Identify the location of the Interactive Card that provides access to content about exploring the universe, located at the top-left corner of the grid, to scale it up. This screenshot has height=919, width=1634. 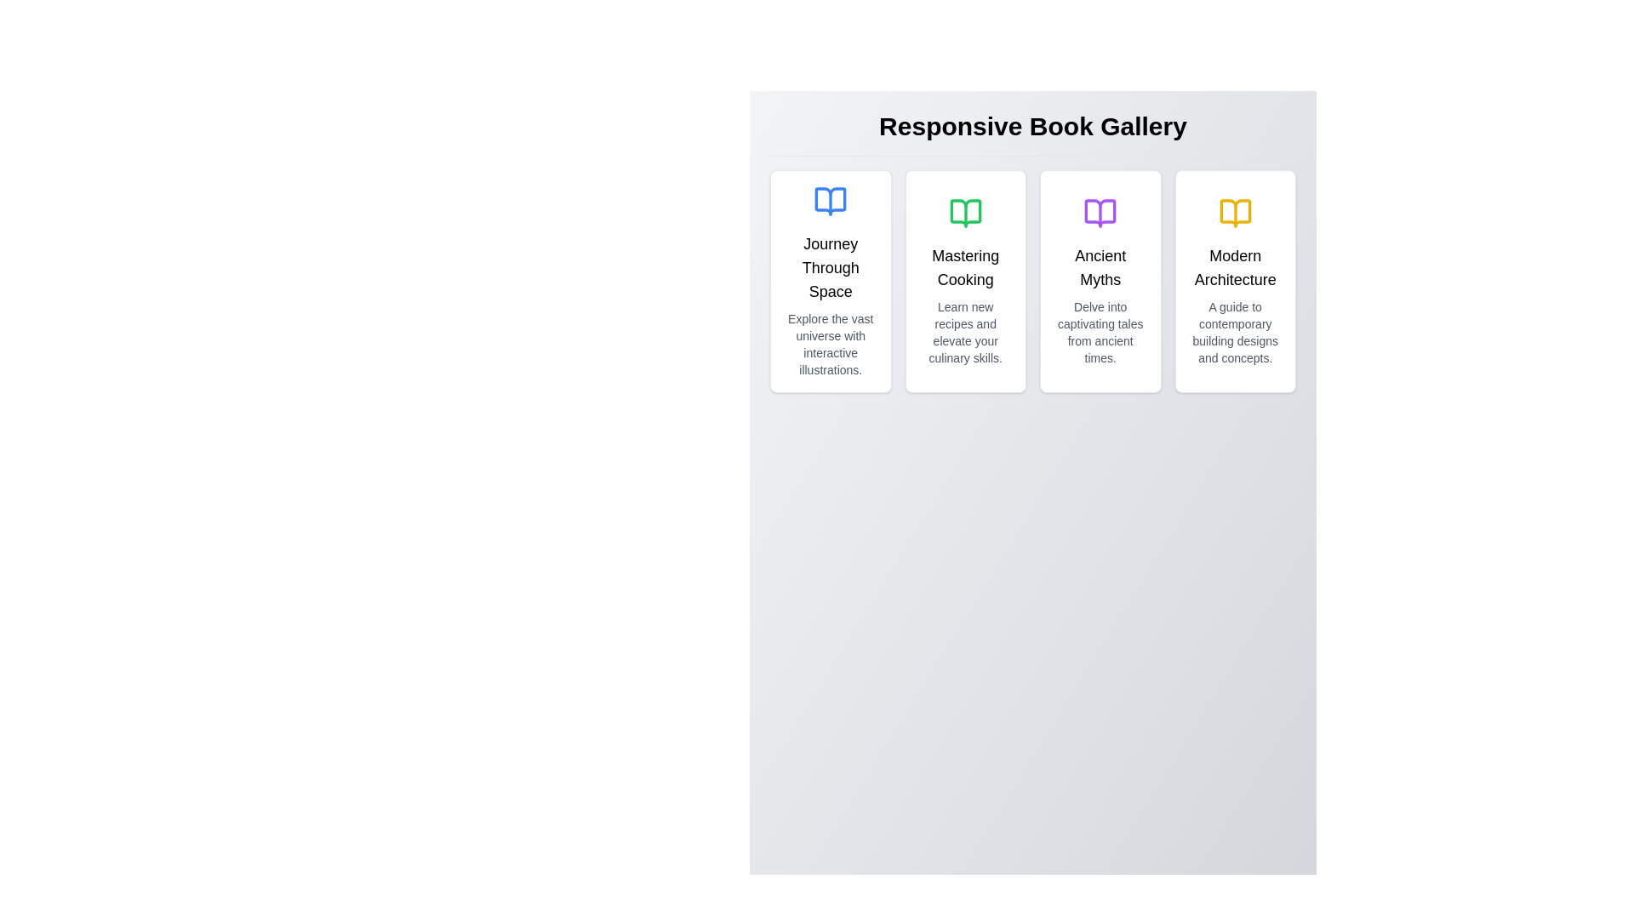
(831, 281).